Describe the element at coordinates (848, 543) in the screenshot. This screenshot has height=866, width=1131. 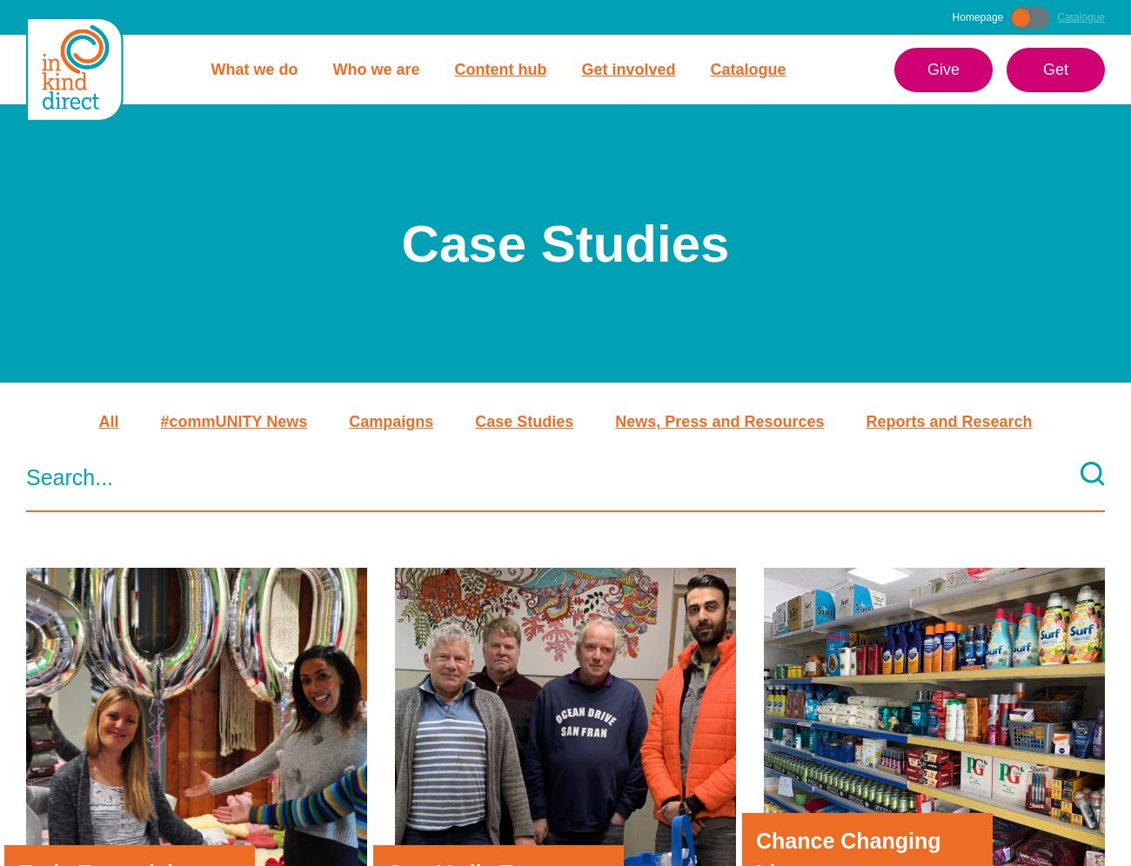
I see `'The Charlie Burns Foundation'` at that location.